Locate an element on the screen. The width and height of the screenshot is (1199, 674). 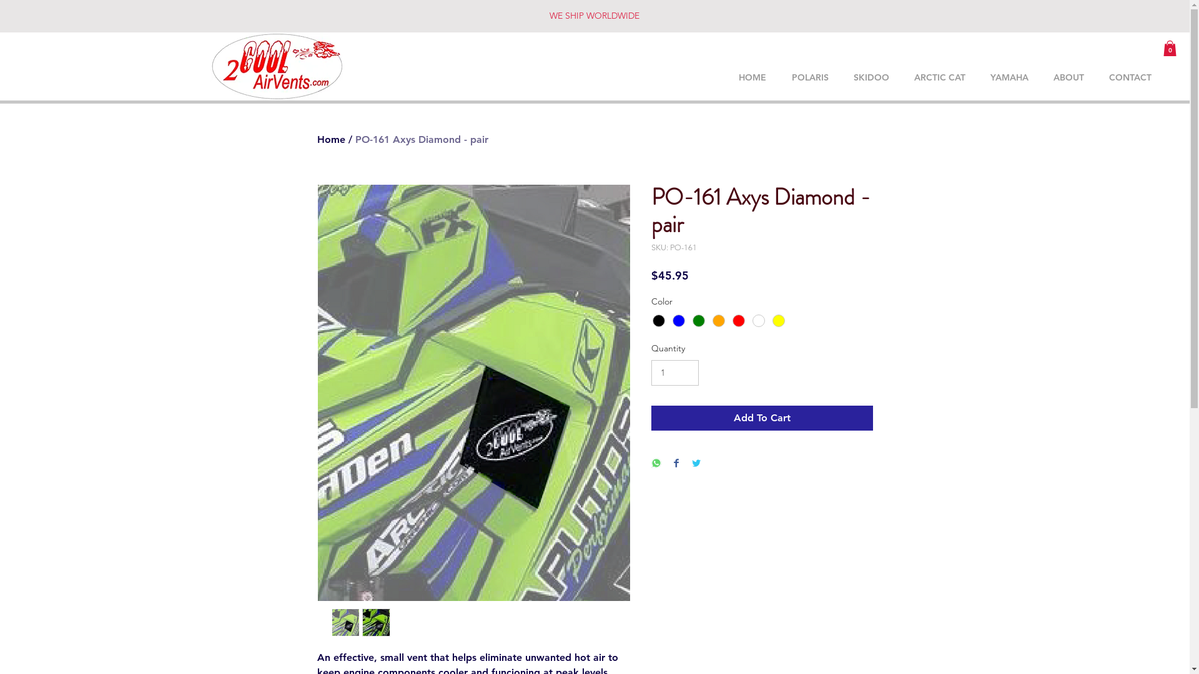
'HOME' is located at coordinates (725, 77).